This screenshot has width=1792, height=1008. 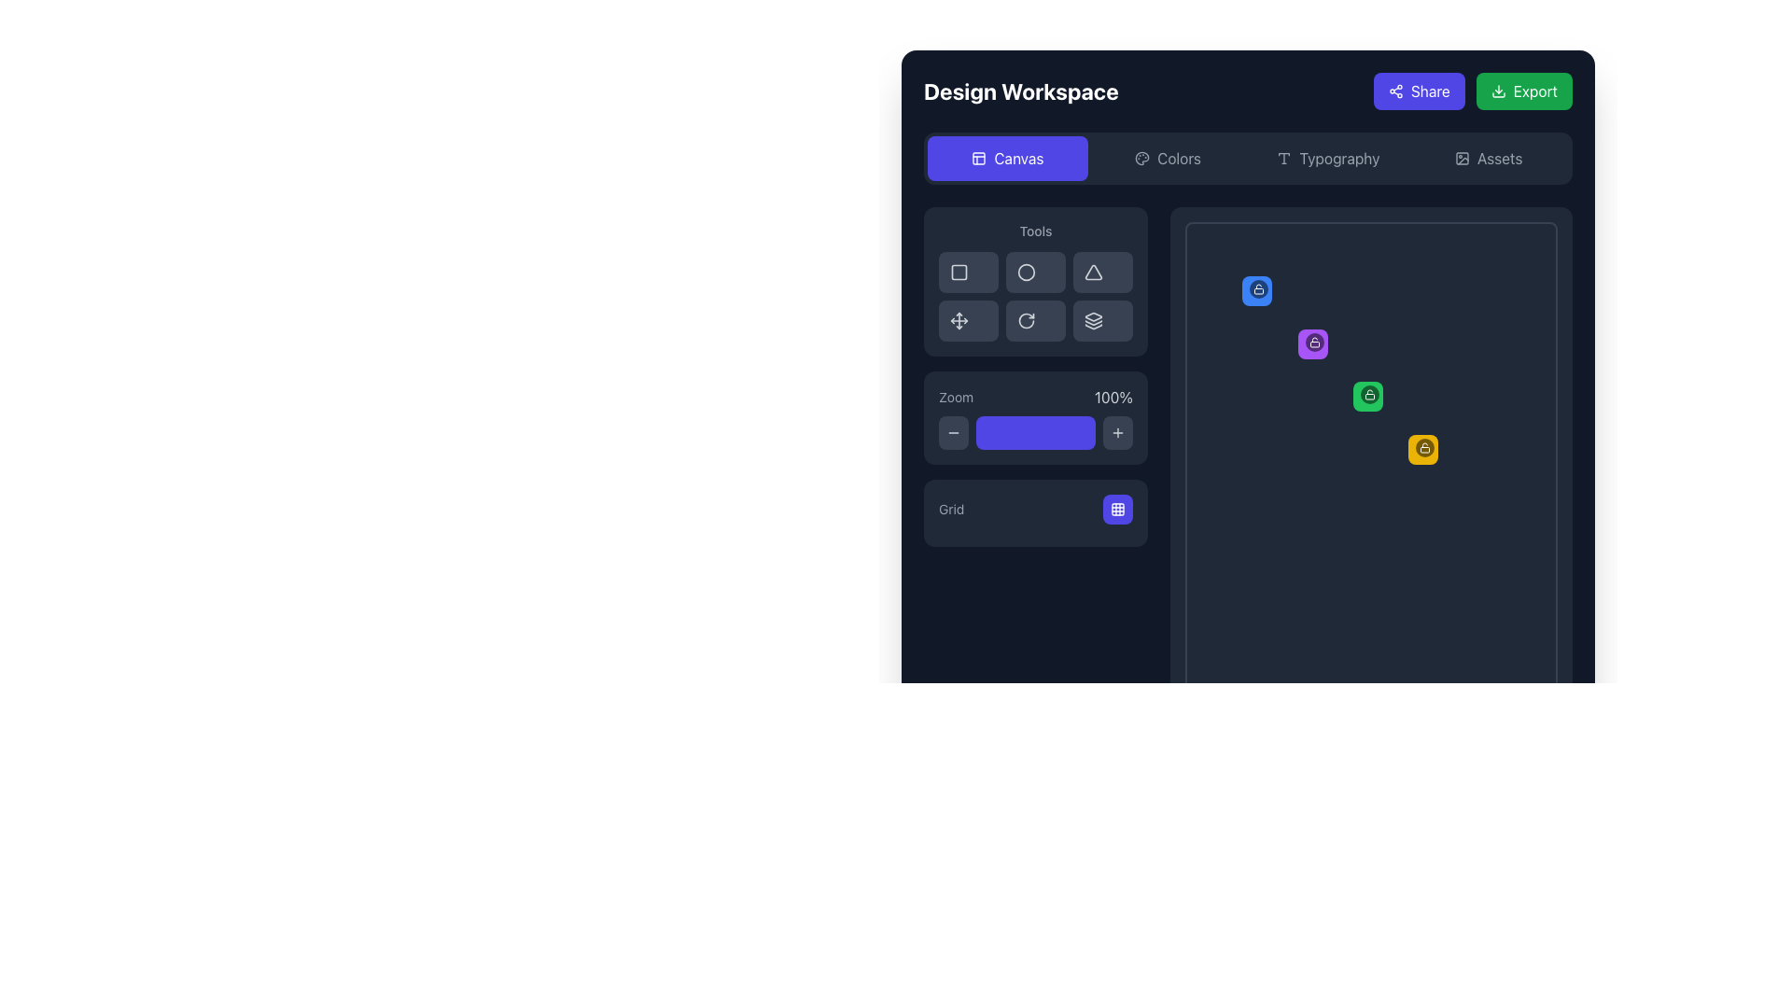 What do you see at coordinates (959, 273) in the screenshot?
I see `the tool icon button located at the top-left of the 'Tools' panel` at bounding box center [959, 273].